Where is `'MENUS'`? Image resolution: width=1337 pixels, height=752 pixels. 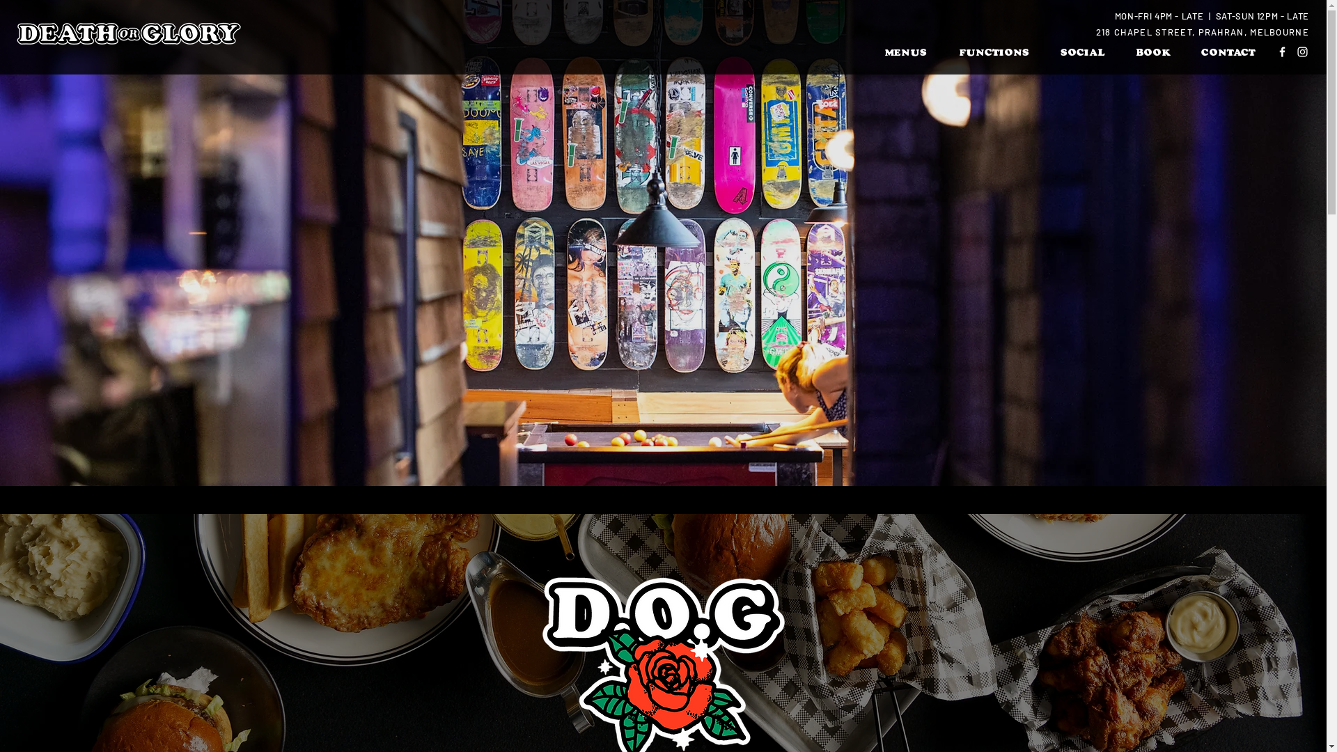
'MENUS' is located at coordinates (905, 51).